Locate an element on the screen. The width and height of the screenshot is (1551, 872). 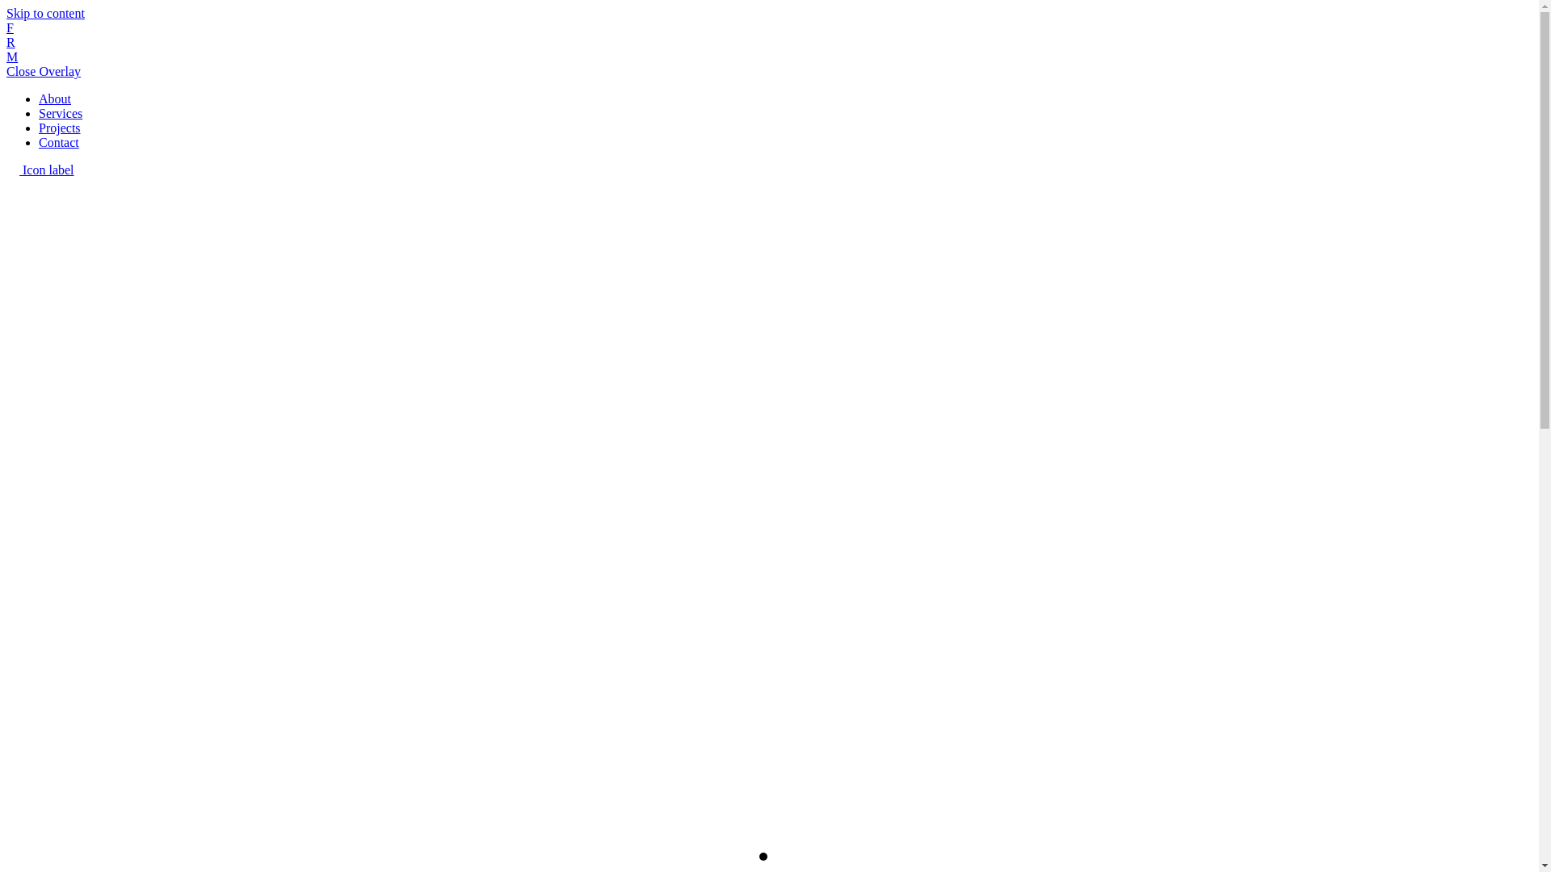
'Close Overlay' is located at coordinates (43, 70).